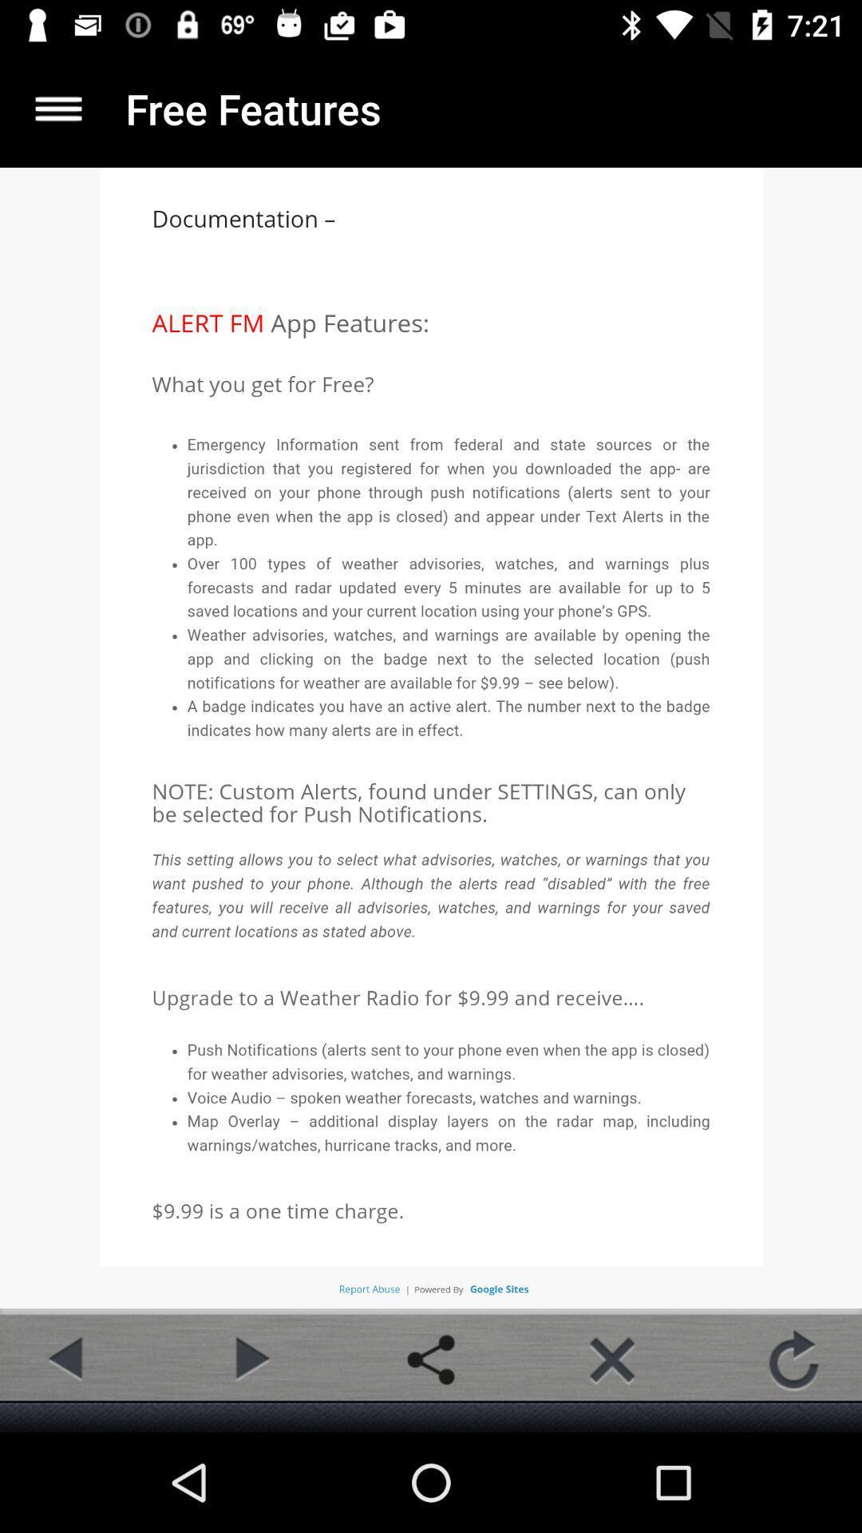 This screenshot has width=862, height=1533. Describe the element at coordinates (431, 1359) in the screenshot. I see `share option` at that location.